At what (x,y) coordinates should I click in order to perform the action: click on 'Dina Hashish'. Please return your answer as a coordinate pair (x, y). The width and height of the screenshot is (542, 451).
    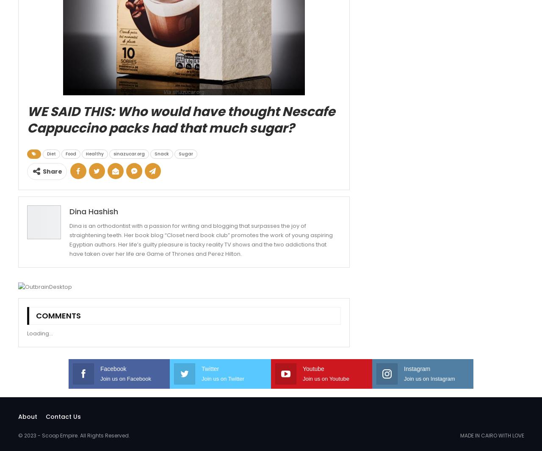
    Looking at the image, I should click on (93, 211).